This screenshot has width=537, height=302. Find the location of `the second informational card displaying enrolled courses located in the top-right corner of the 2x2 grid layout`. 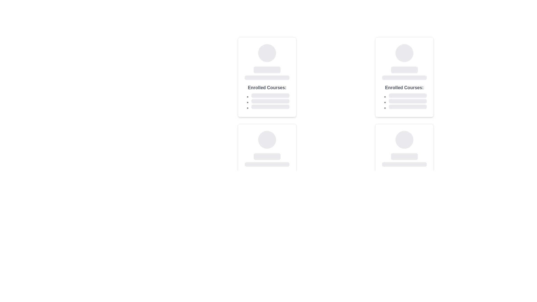

the second informational card displaying enrolled courses located in the top-right corner of the 2x2 grid layout is located at coordinates (404, 77).